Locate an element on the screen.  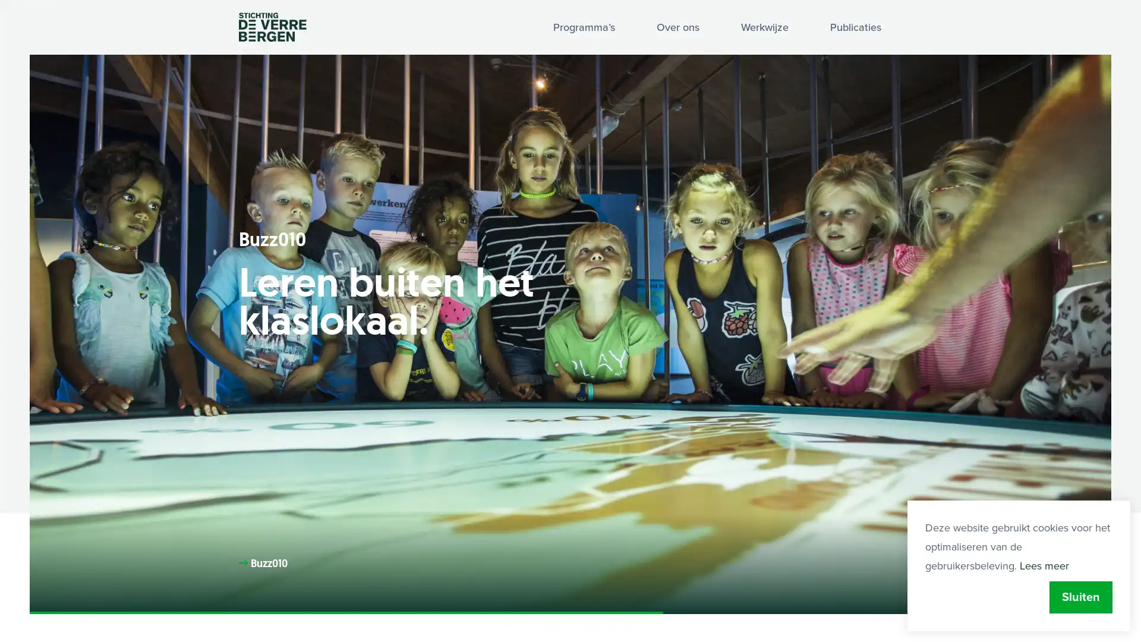
Next is located at coordinates (1075, 583).